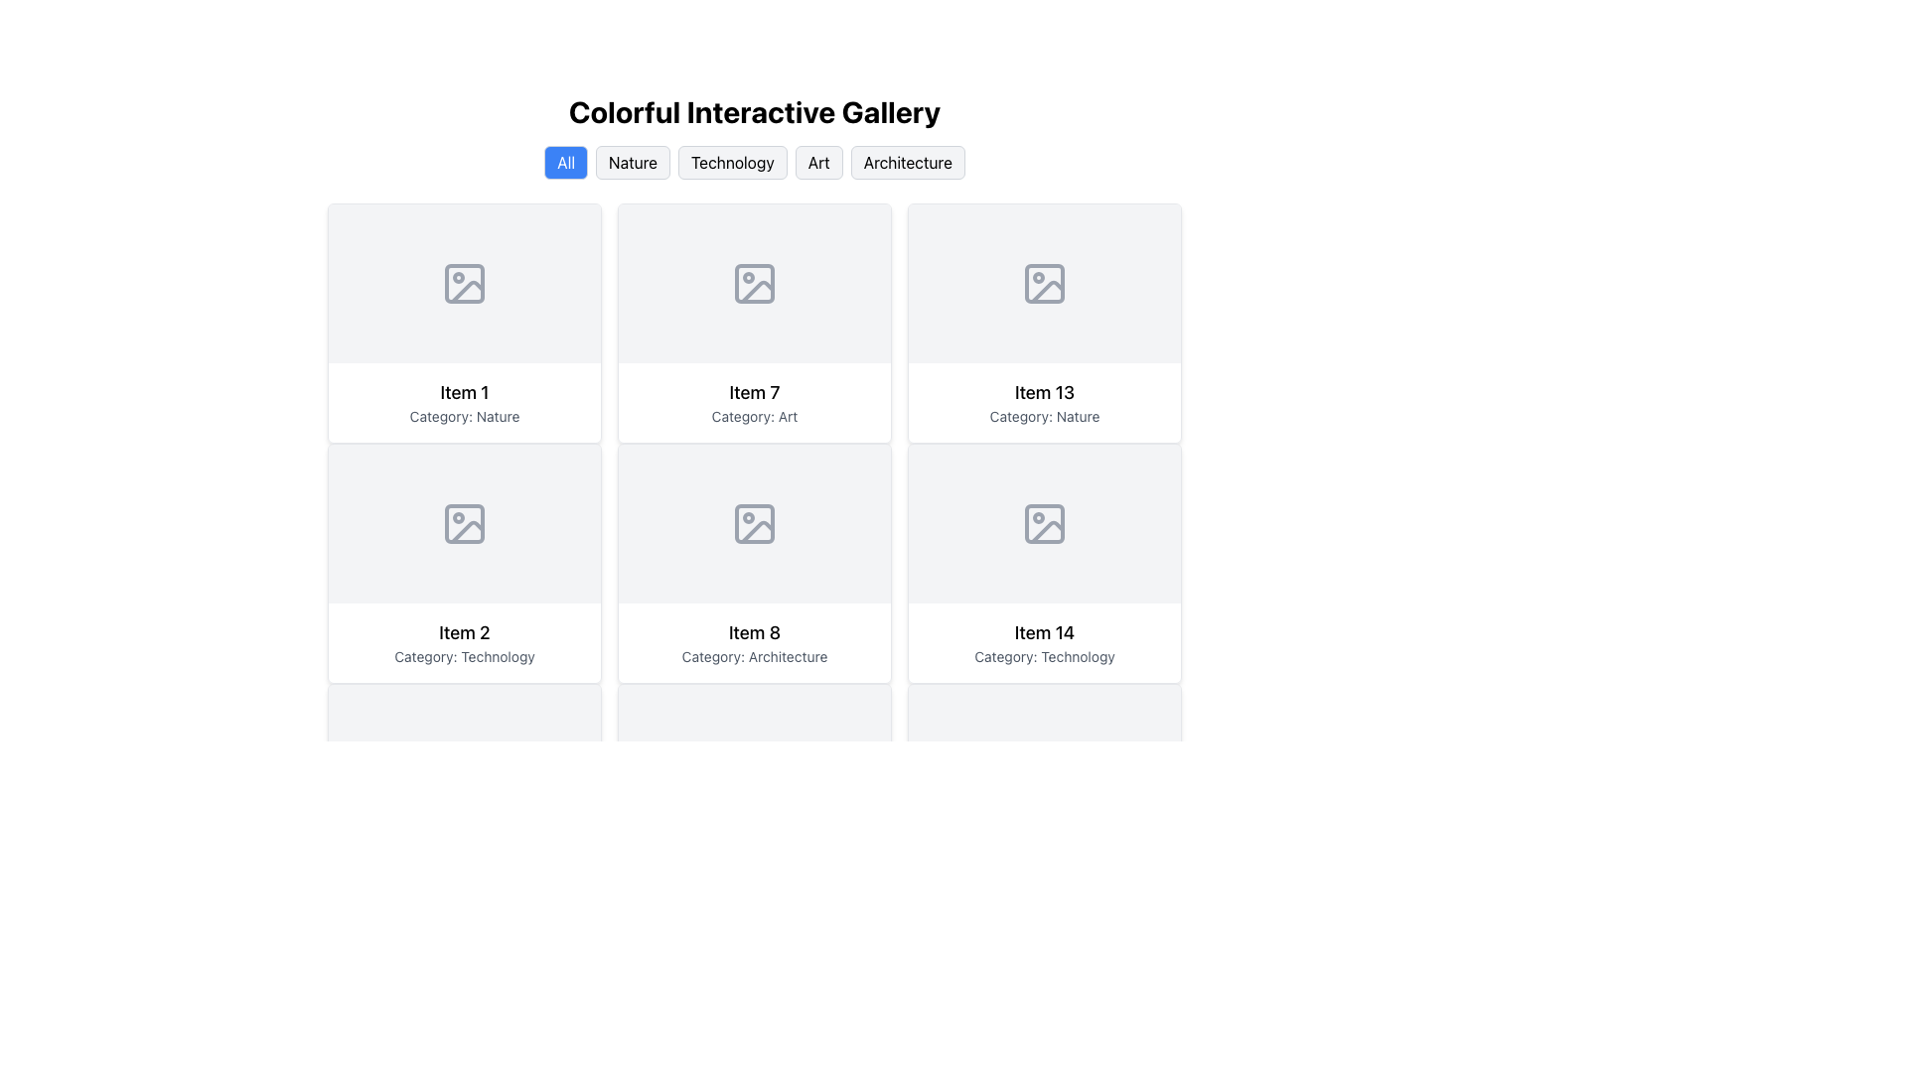  I want to click on the visual decorative element with a gray outline and rounded corners, part of the icon indicating absence of an image, located in 'Item 2' of the grid layout, so click(463, 523).